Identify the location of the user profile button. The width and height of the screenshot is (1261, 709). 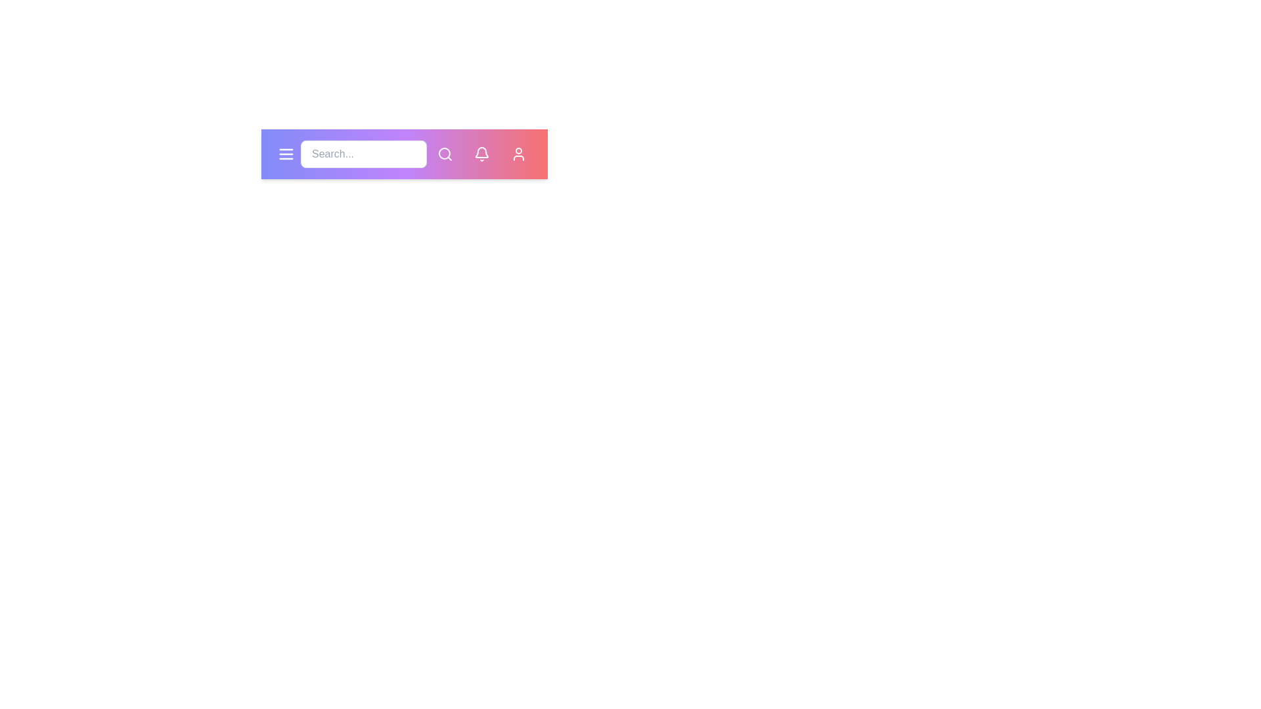
(518, 154).